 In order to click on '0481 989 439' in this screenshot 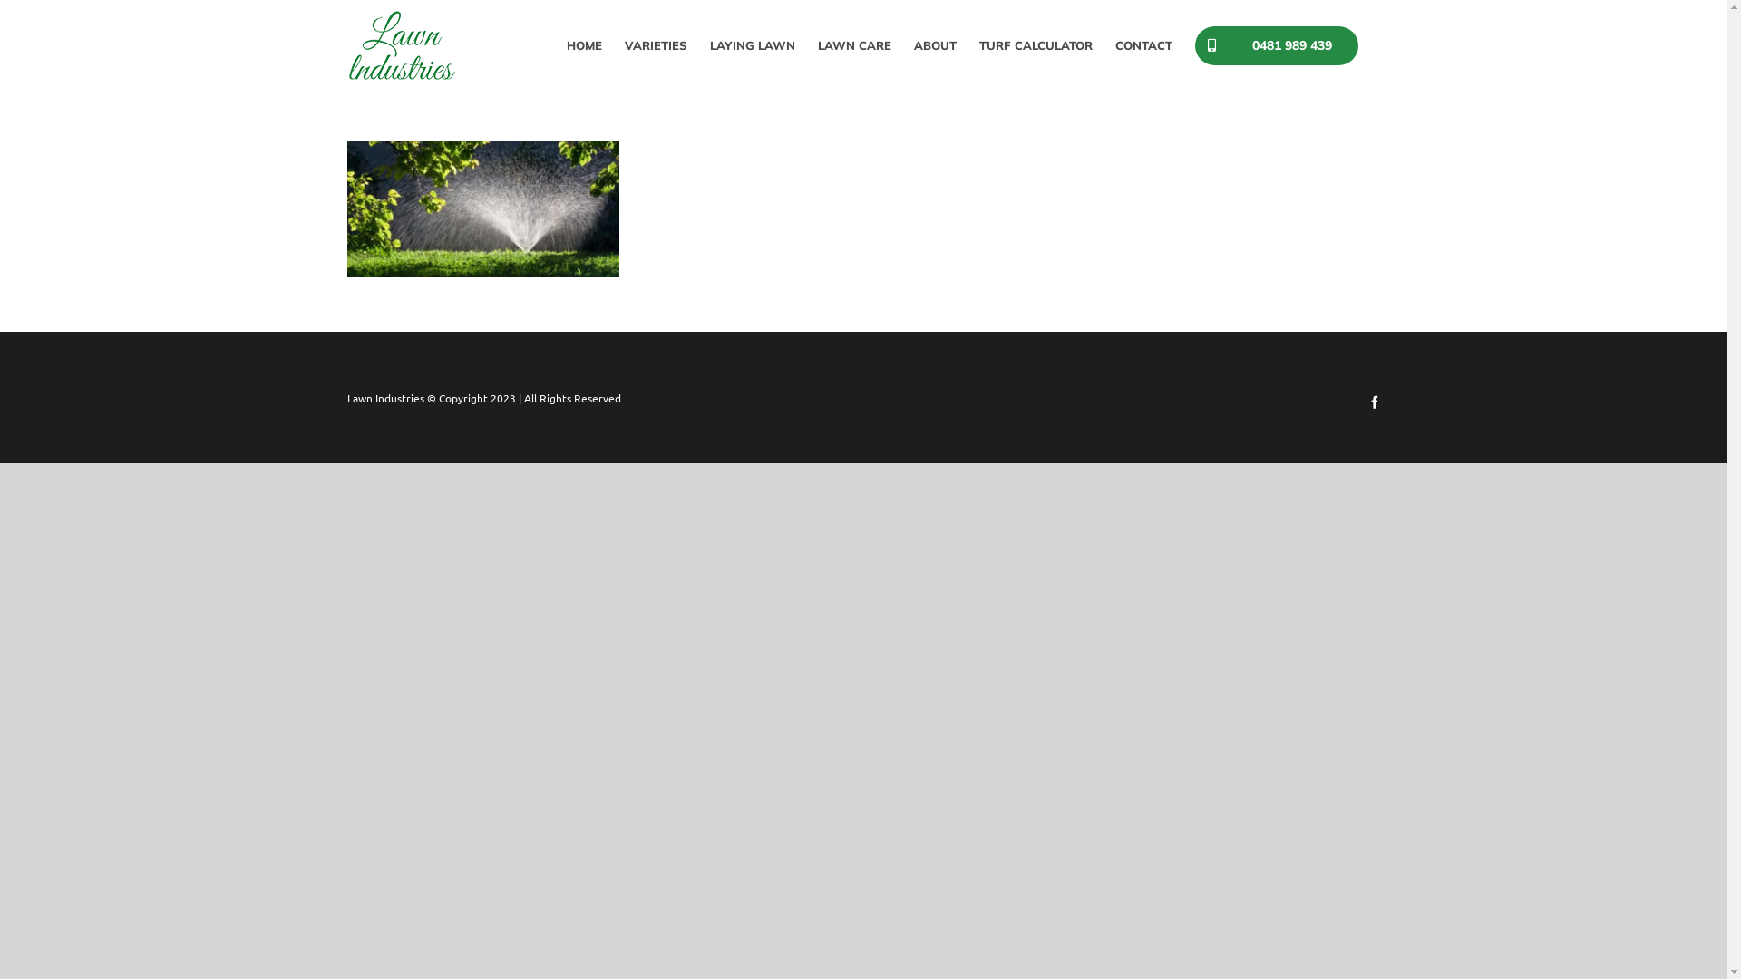, I will do `click(1195, 44)`.